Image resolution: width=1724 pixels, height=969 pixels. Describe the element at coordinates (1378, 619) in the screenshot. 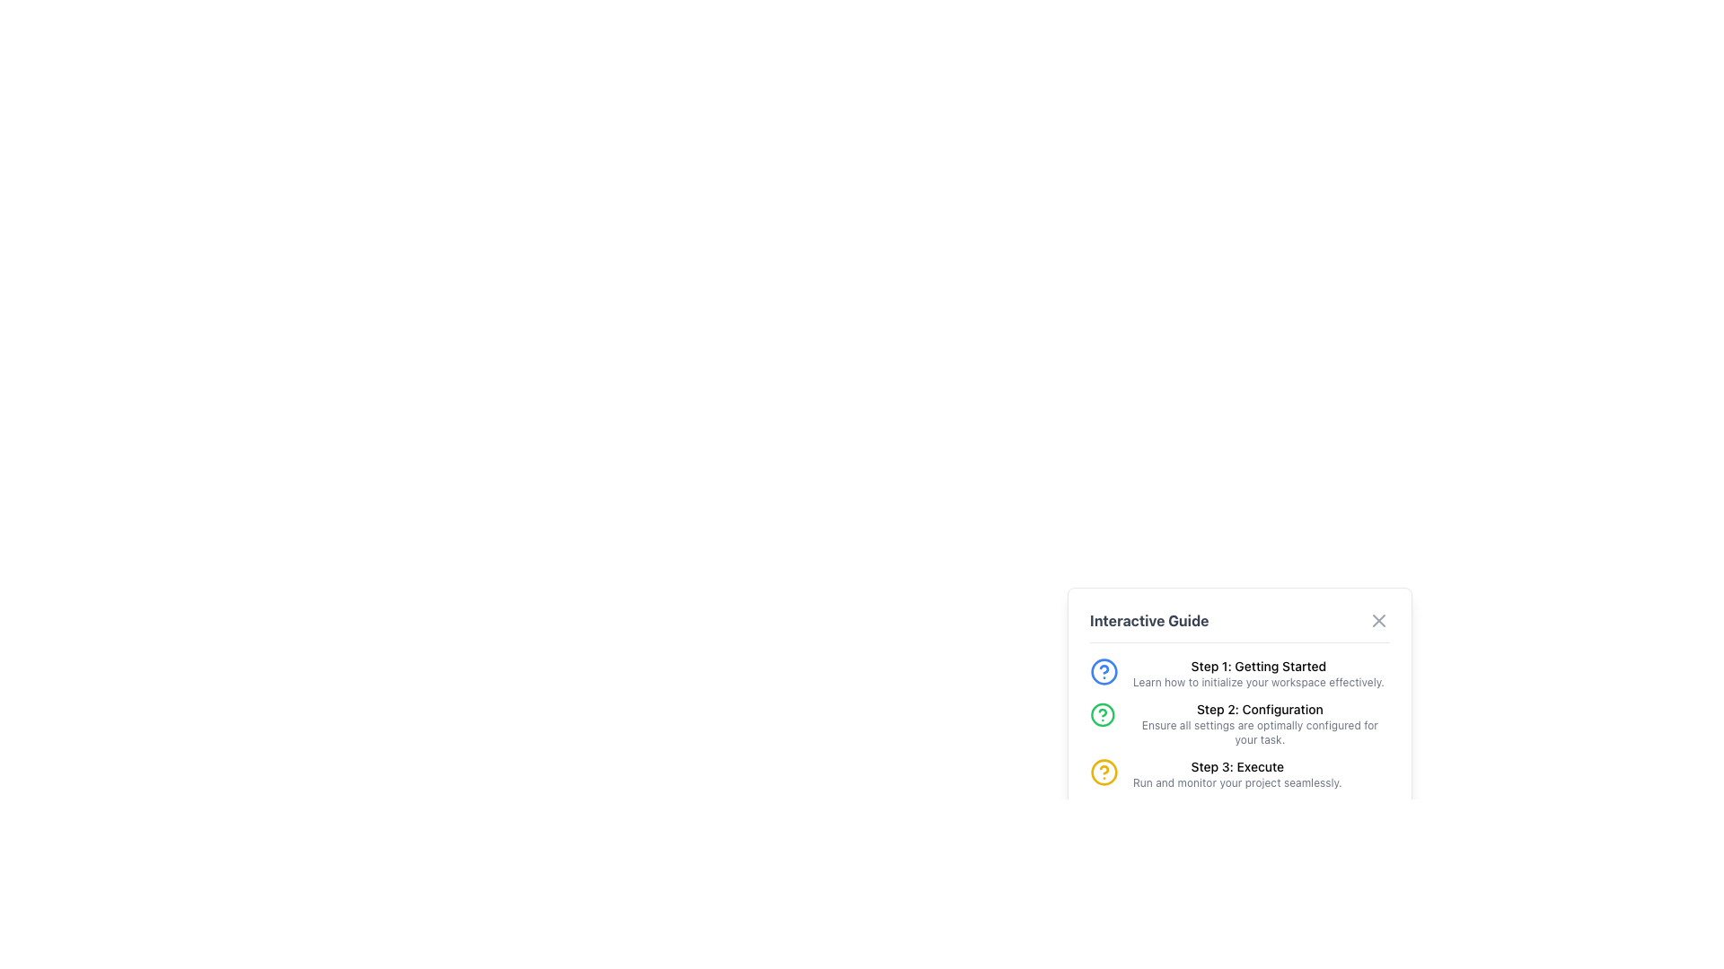

I see `the close button located at the top-right corner of the 'Interactive Guide' section to change its color` at that location.